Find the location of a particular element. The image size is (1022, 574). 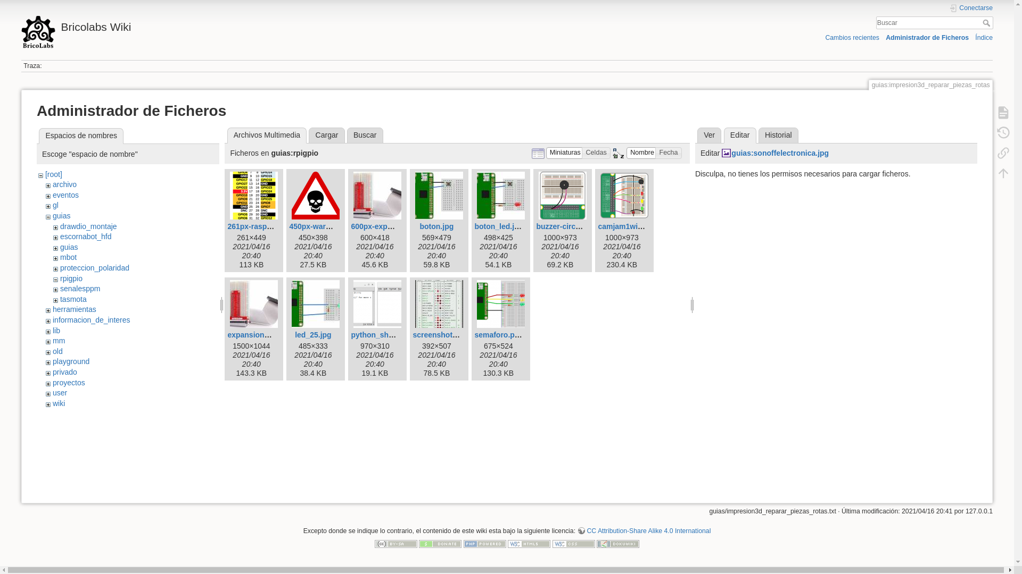

'user' is located at coordinates (52, 393).